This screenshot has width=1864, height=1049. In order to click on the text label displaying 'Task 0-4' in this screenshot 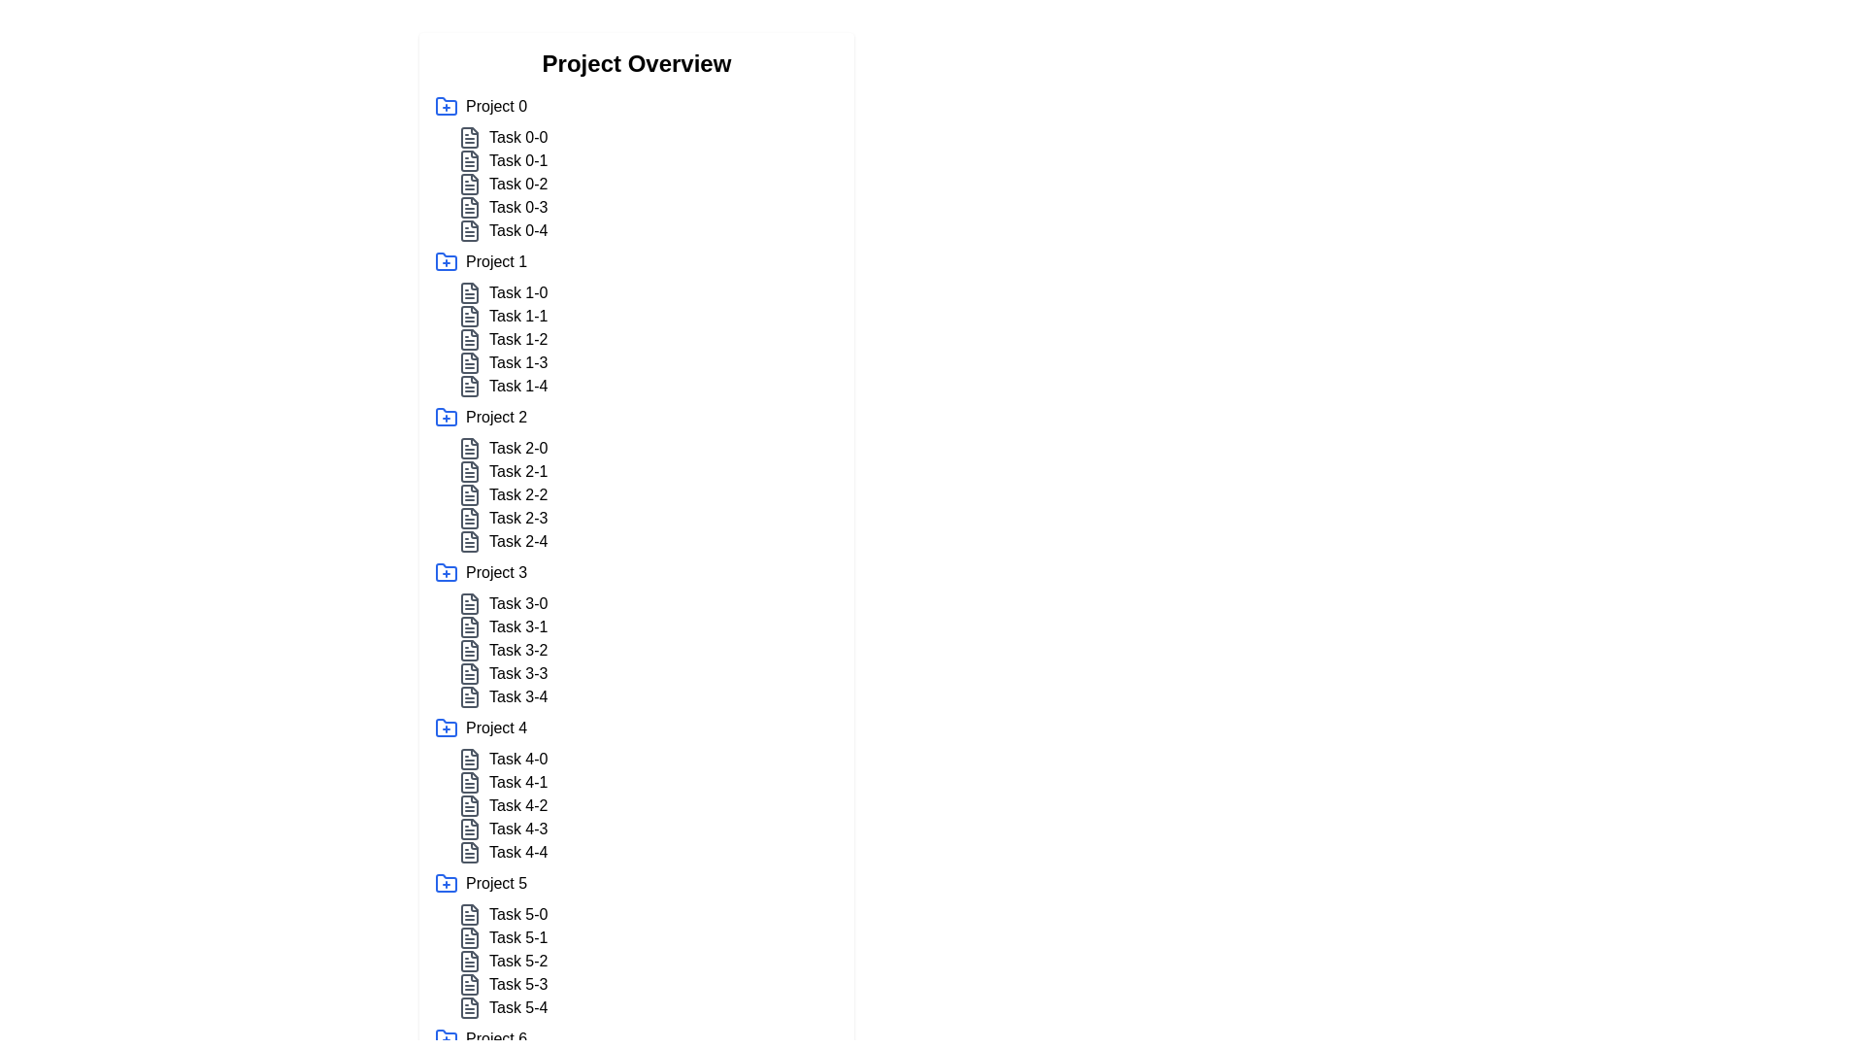, I will do `click(518, 230)`.